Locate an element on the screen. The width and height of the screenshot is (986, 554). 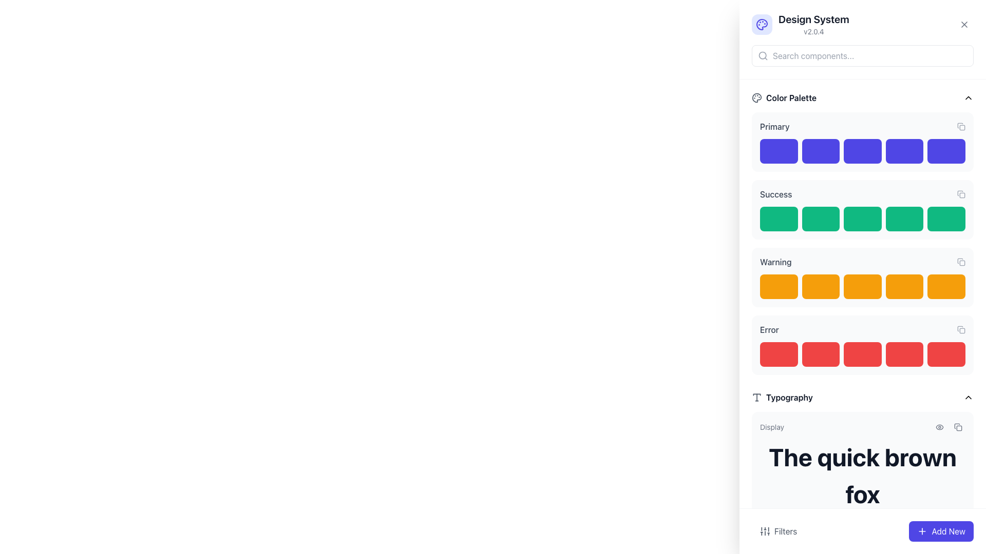
the 'Warning' color swatch, which is the last orange block in the Color Palette group is located at coordinates (946, 287).